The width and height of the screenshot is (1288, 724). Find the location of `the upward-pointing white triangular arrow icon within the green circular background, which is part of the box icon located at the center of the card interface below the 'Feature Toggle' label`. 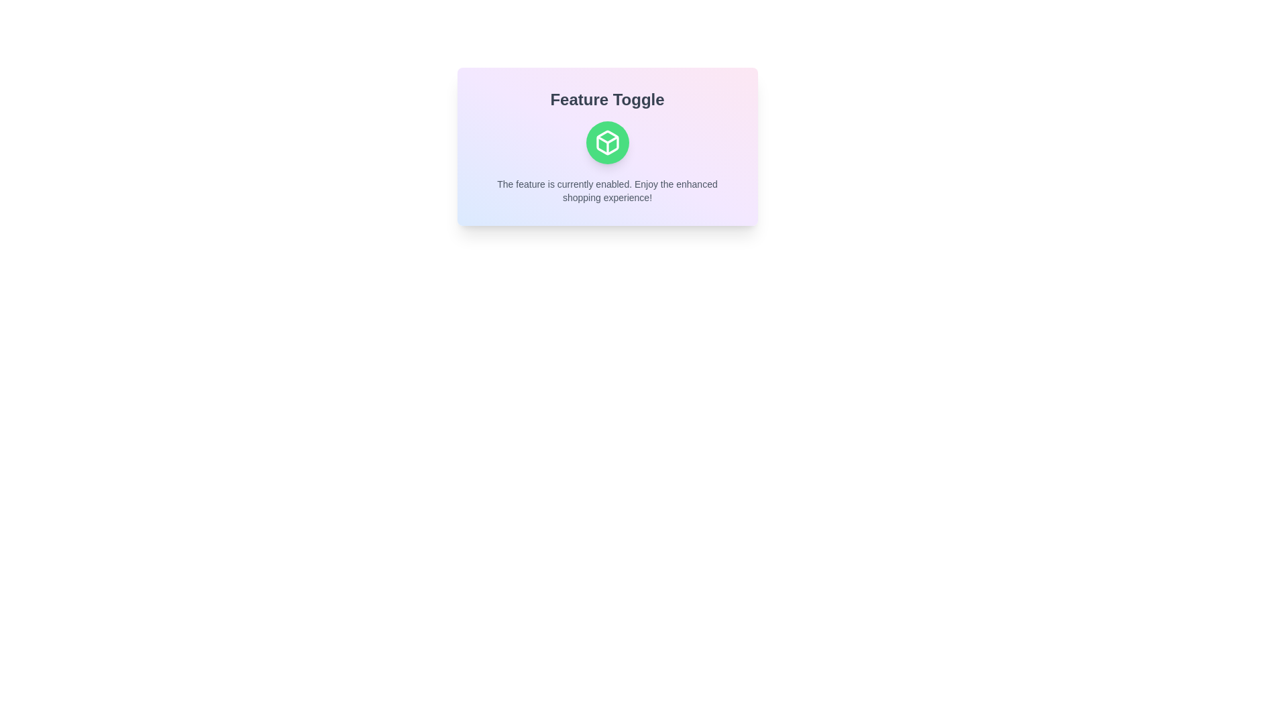

the upward-pointing white triangular arrow icon within the green circular background, which is part of the box icon located at the center of the card interface below the 'Feature Toggle' label is located at coordinates (606, 139).